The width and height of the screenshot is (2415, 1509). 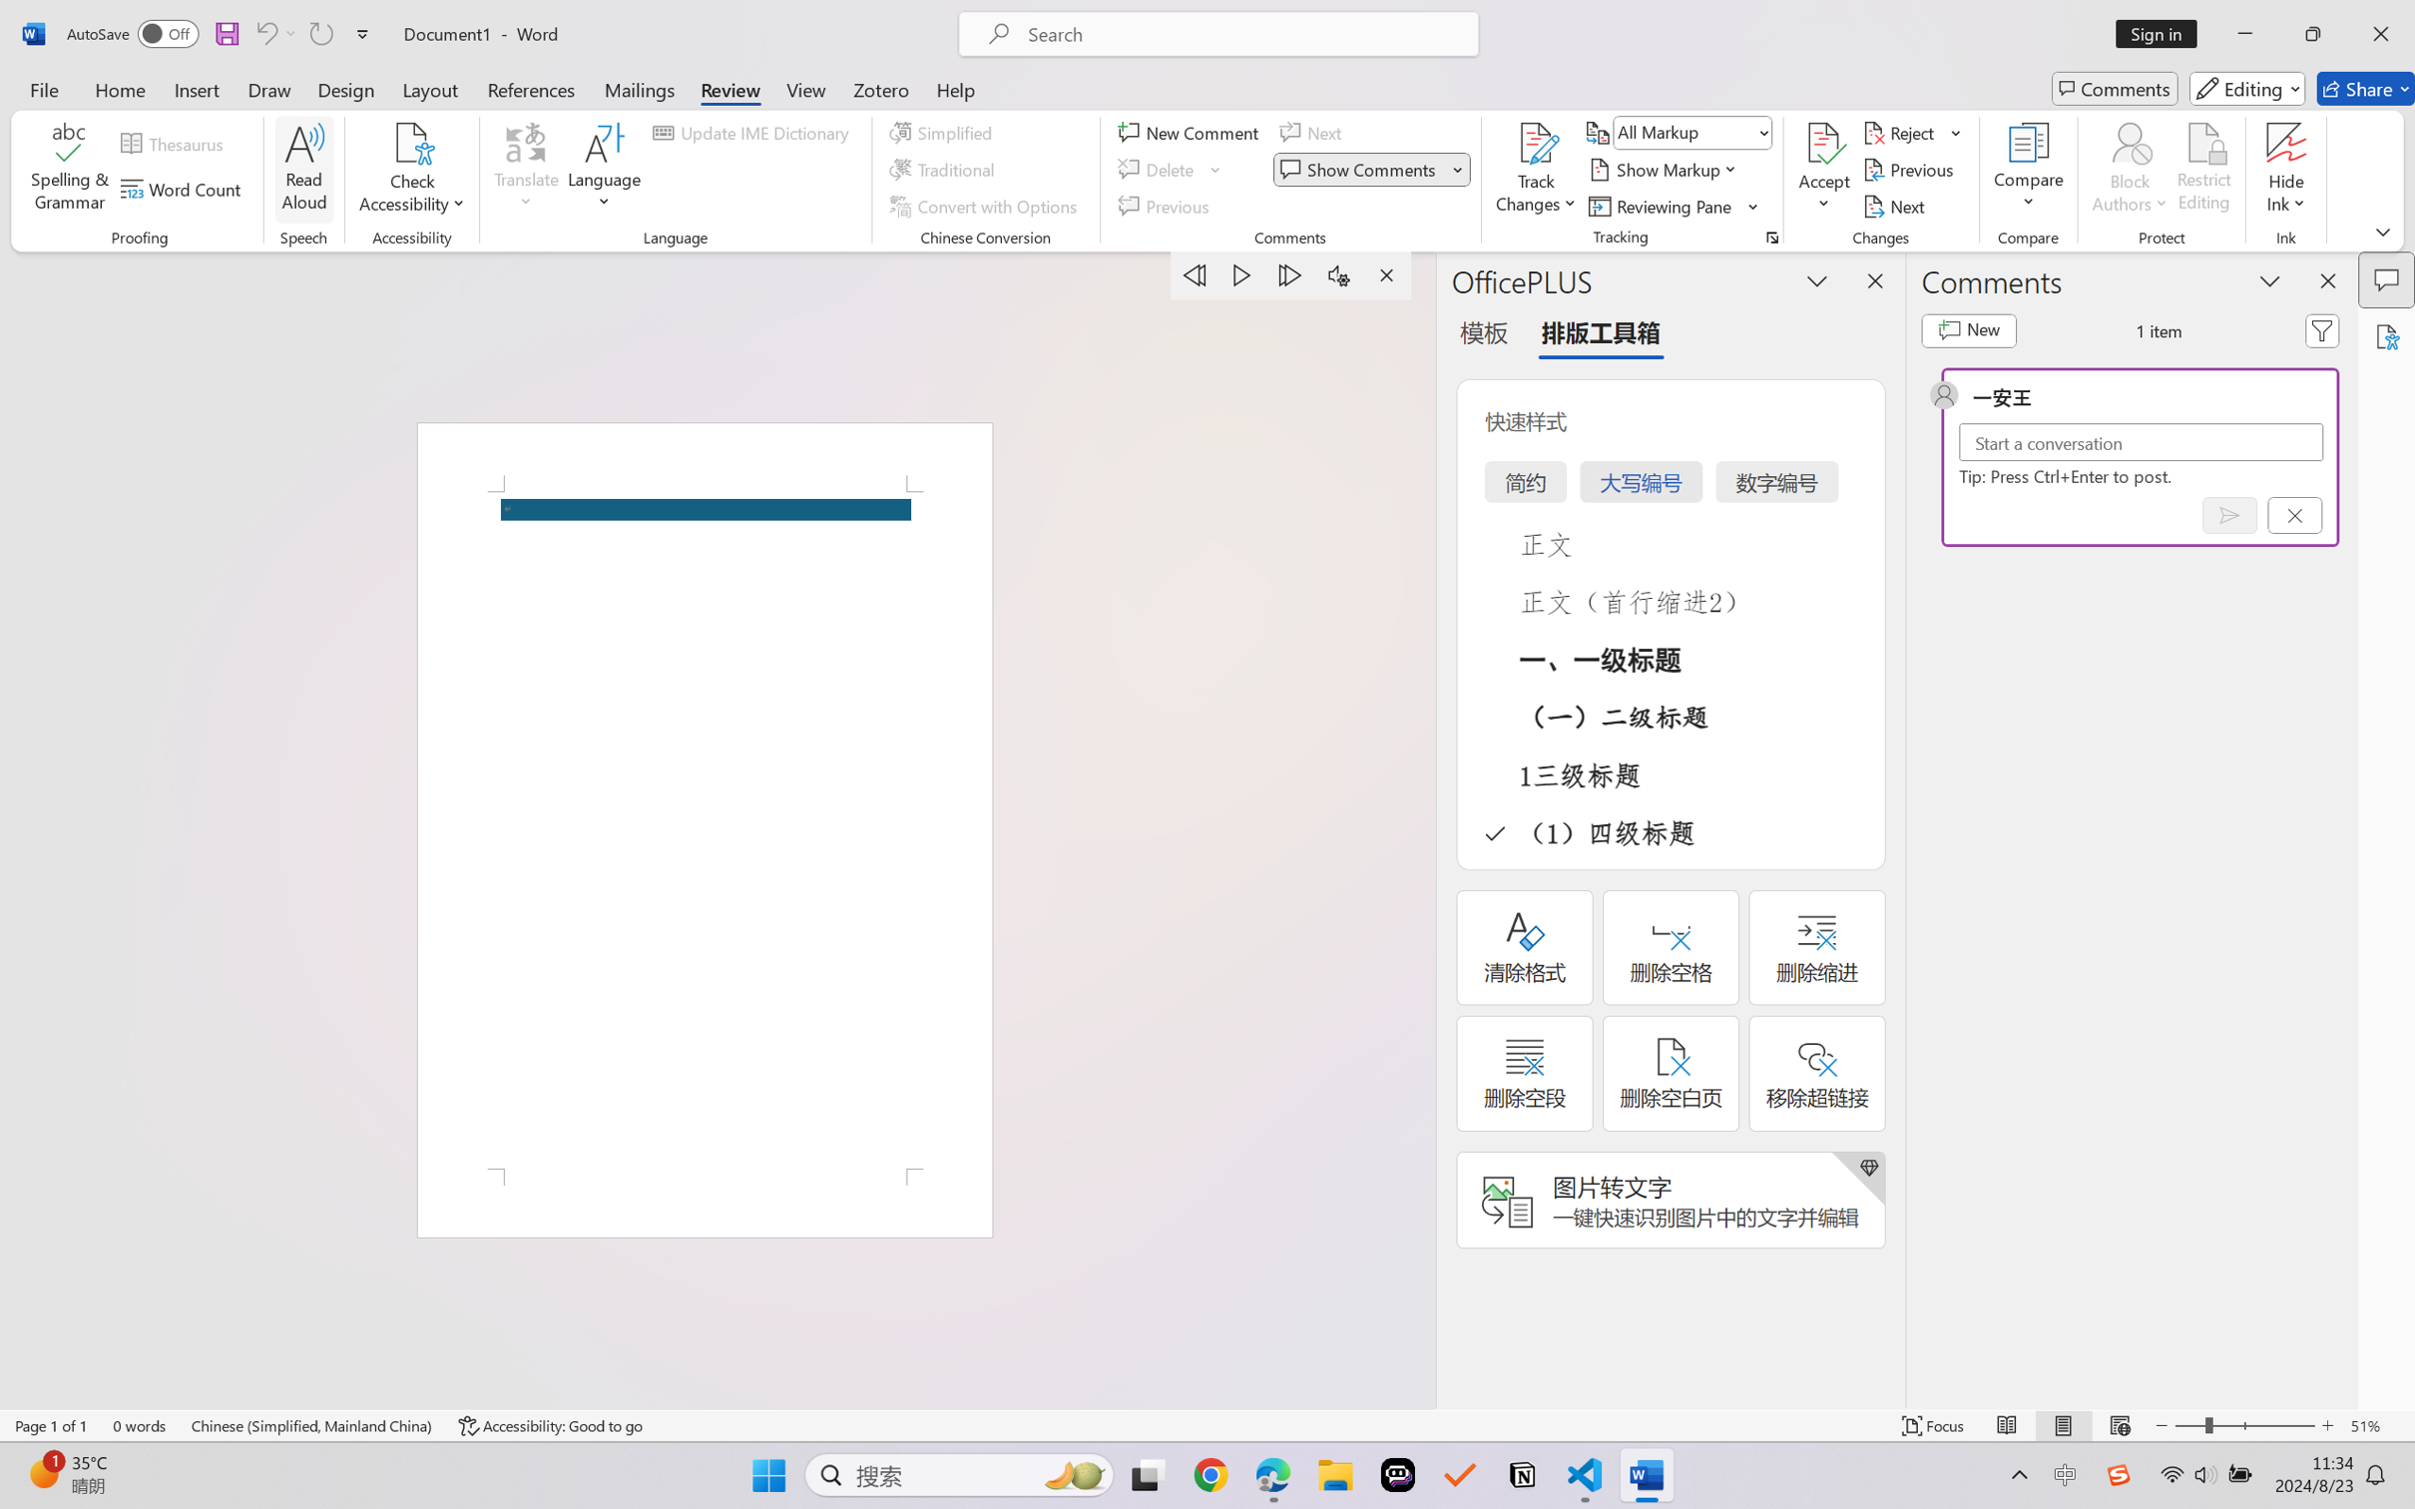 I want to click on 'Undo Apply Quick Style Set', so click(x=273, y=33).